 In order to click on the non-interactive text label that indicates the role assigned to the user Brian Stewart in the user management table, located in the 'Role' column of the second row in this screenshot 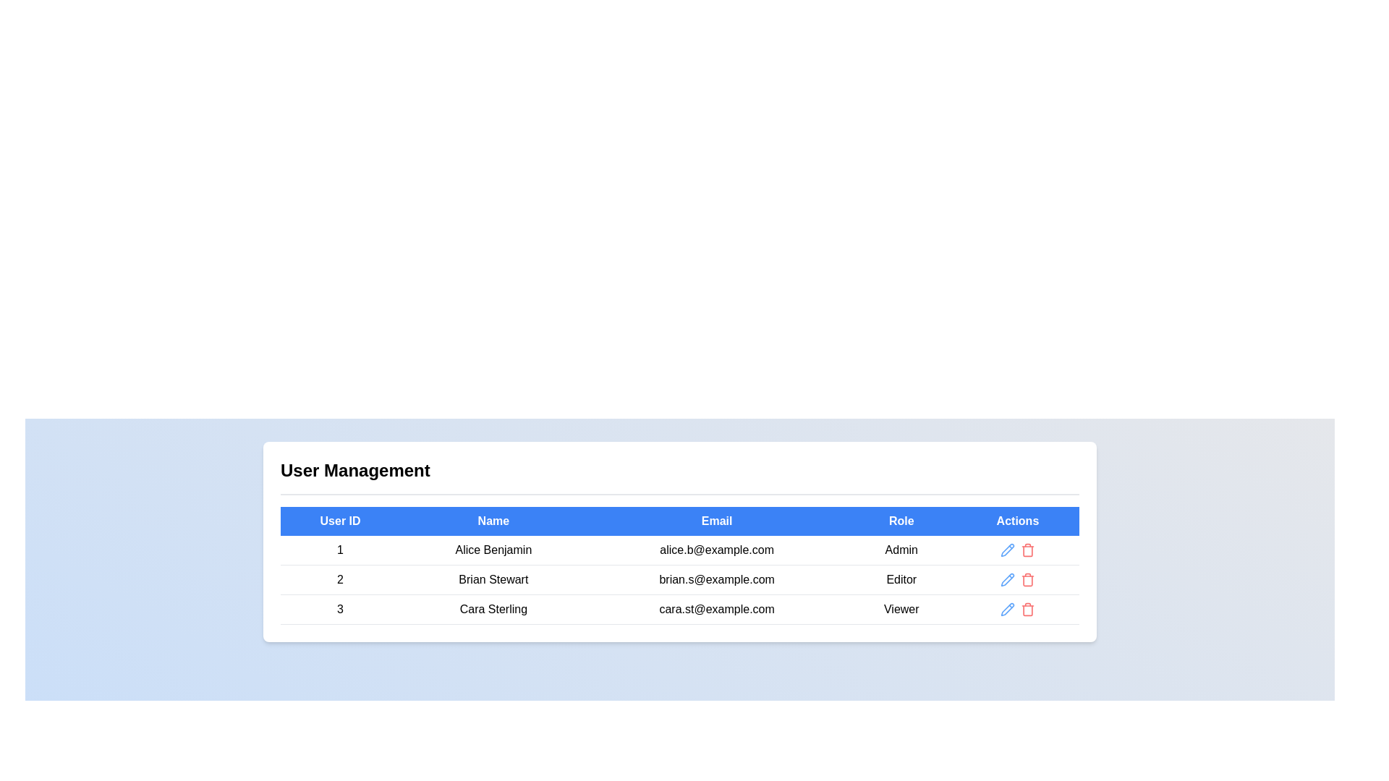, I will do `click(901, 579)`.